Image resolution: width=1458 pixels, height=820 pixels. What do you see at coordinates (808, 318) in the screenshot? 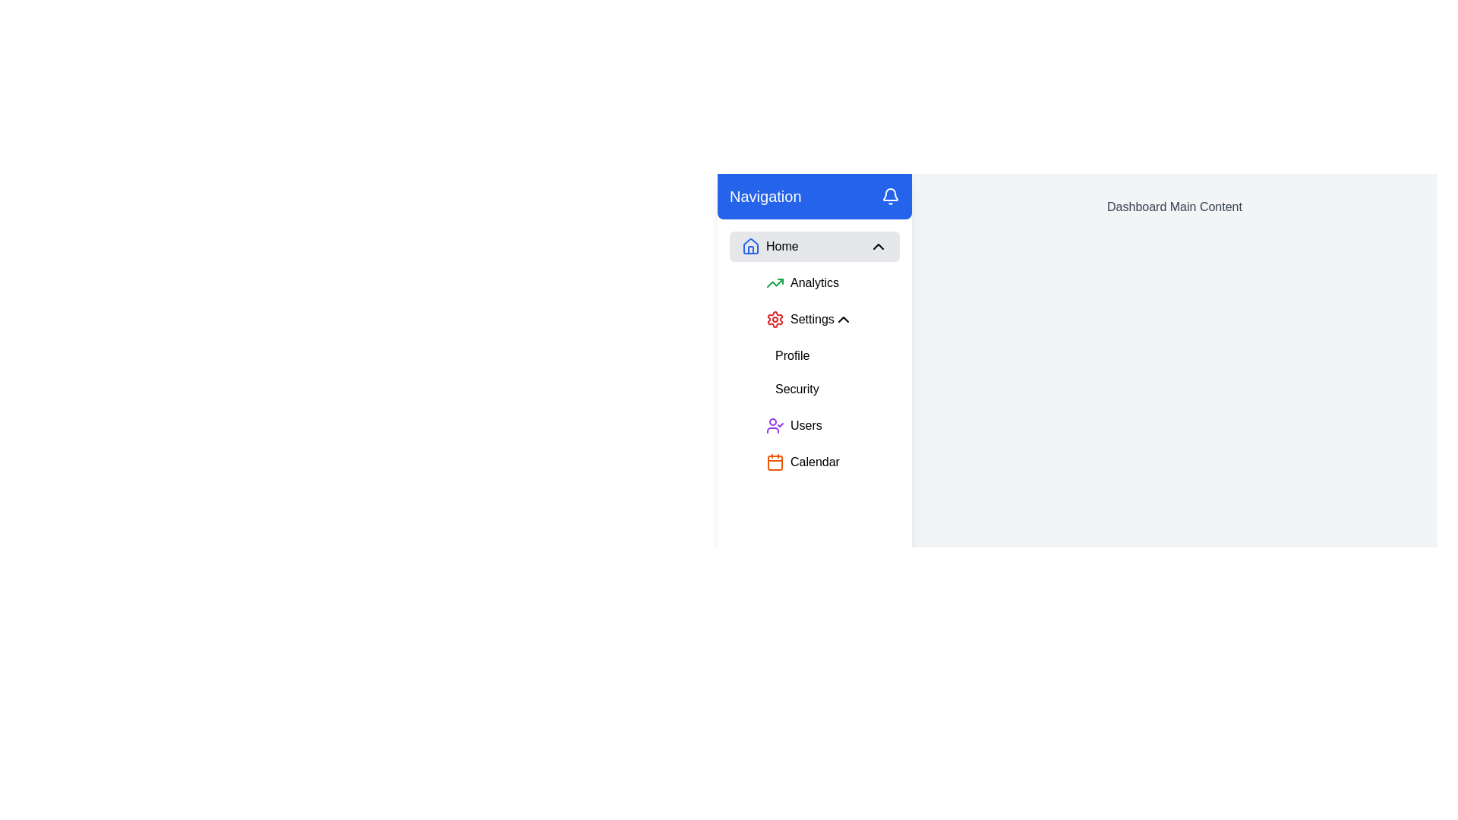
I see `the upward-pointing chevron icon on the 'Settings' collapsible menu item in the vertical sidebar navigation menu` at bounding box center [808, 318].